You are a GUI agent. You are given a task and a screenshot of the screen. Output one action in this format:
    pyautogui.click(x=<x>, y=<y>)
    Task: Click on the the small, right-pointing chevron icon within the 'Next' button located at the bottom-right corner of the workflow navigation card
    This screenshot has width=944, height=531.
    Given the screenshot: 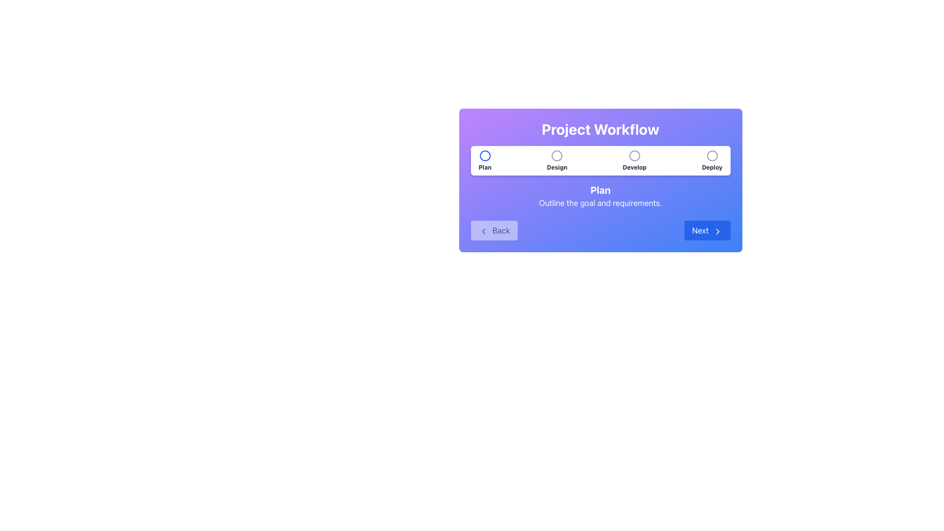 What is the action you would take?
    pyautogui.click(x=717, y=231)
    